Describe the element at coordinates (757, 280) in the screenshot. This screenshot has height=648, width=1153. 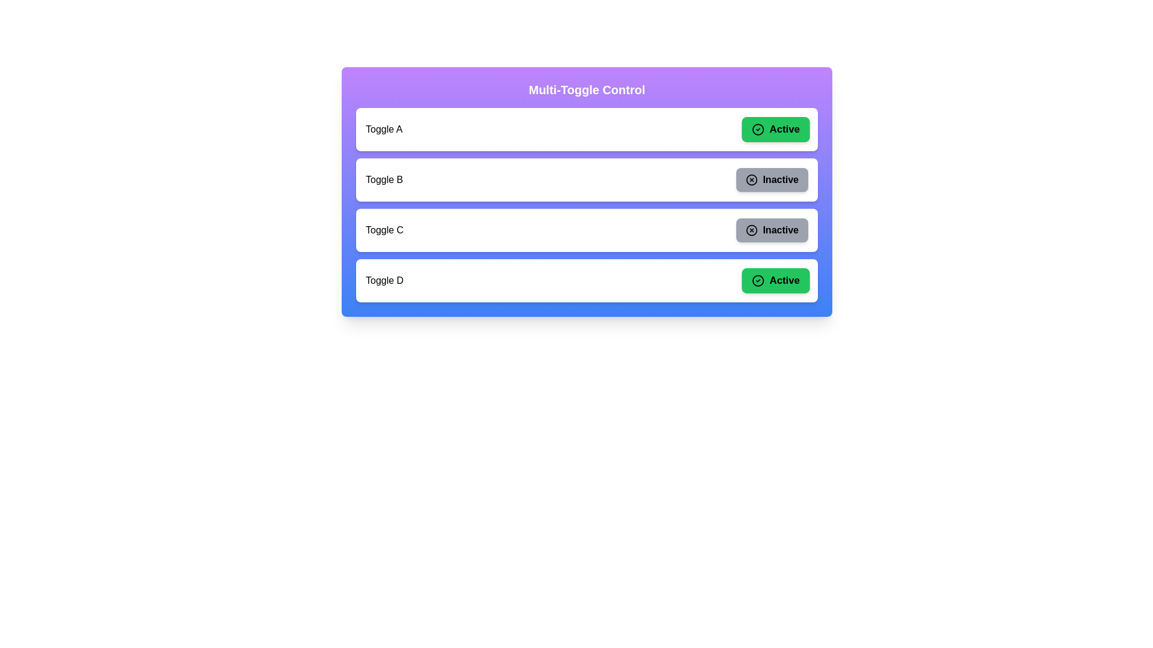
I see `circular icon graphic with a black checkmark on a green background located at the end of the 'Toggle D' row in the multi-toggle control interface` at that location.